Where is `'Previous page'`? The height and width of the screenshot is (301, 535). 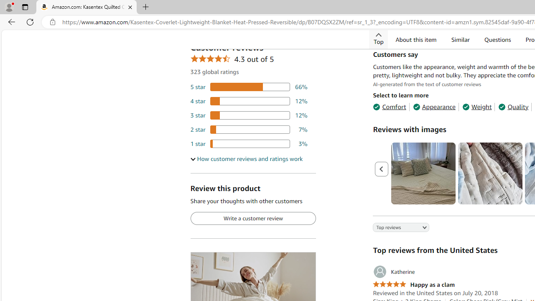 'Previous page' is located at coordinates (381, 169).